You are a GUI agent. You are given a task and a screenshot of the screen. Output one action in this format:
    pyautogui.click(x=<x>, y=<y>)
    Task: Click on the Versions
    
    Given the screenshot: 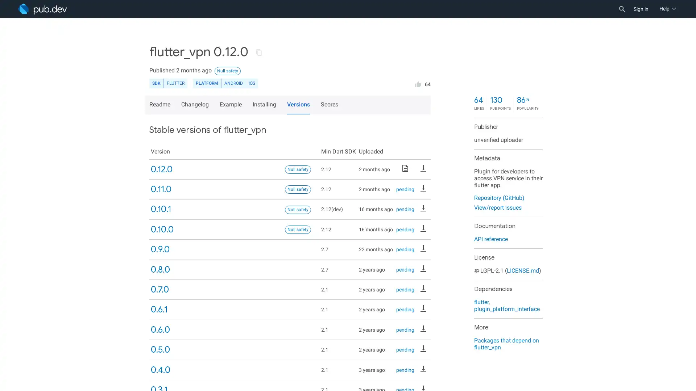 What is the action you would take?
    pyautogui.click(x=298, y=105)
    